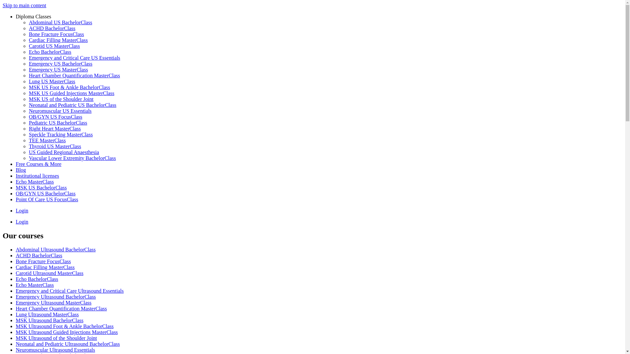  Describe the element at coordinates (55, 146) in the screenshot. I see `'Thyroid US MasterClass'` at that location.